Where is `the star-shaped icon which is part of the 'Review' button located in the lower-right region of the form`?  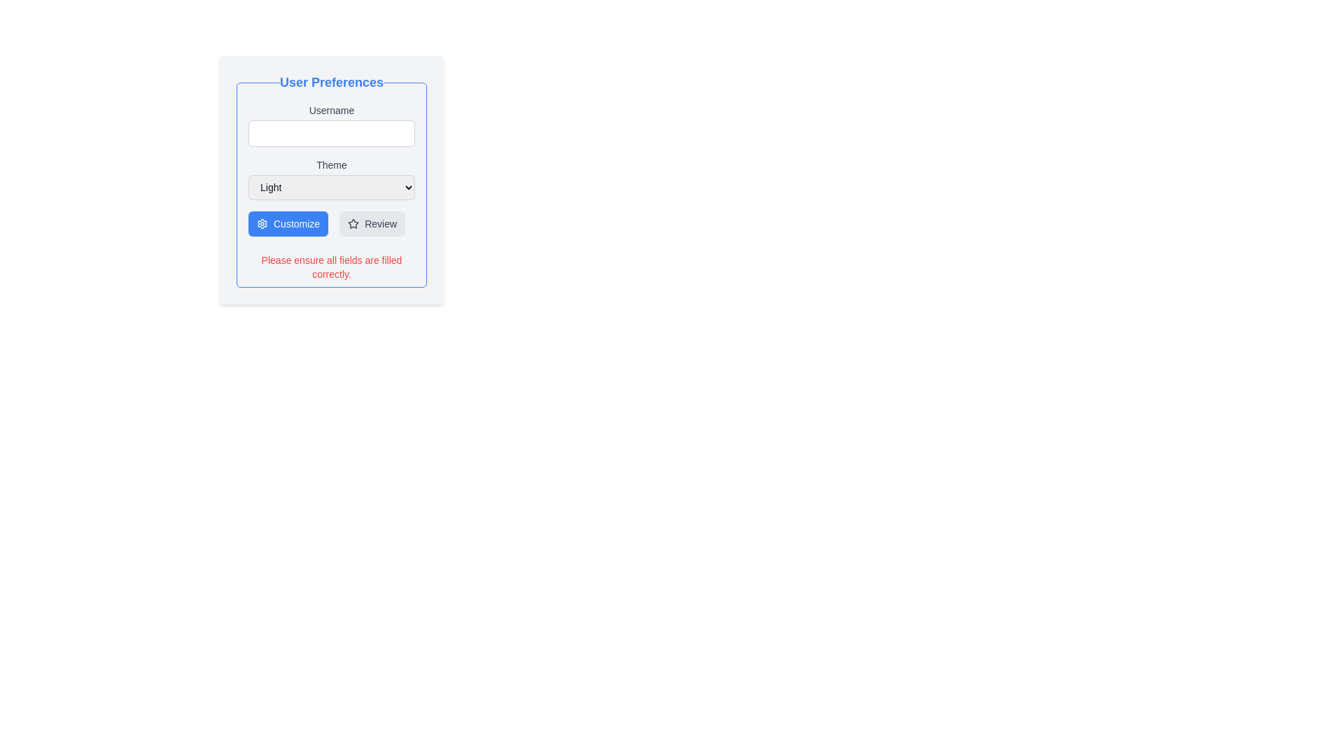
the star-shaped icon which is part of the 'Review' button located in the lower-right region of the form is located at coordinates (353, 223).